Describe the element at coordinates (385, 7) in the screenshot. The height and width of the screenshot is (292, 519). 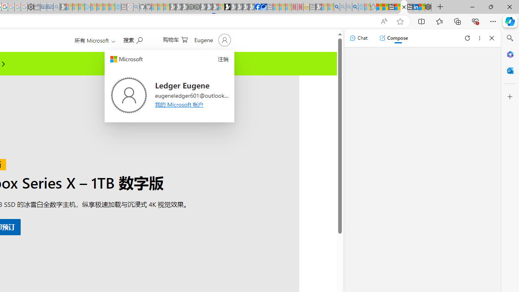
I see `'Aberdeen, Hong Kong SAR weather forecast | Microsoft Weather'` at that location.